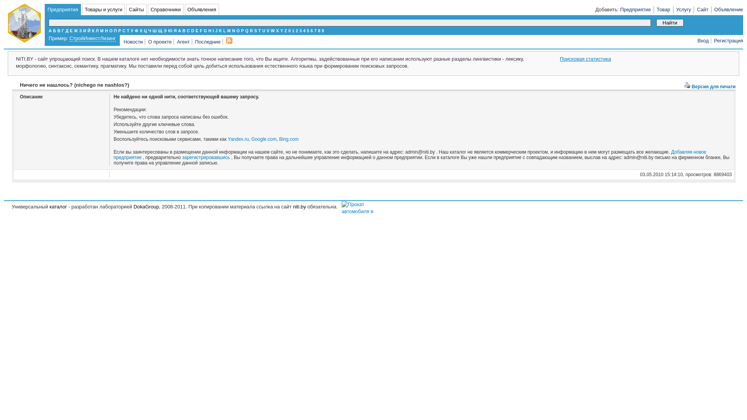 This screenshot has width=747, height=420. What do you see at coordinates (224, 30) in the screenshot?
I see `'L'` at bounding box center [224, 30].